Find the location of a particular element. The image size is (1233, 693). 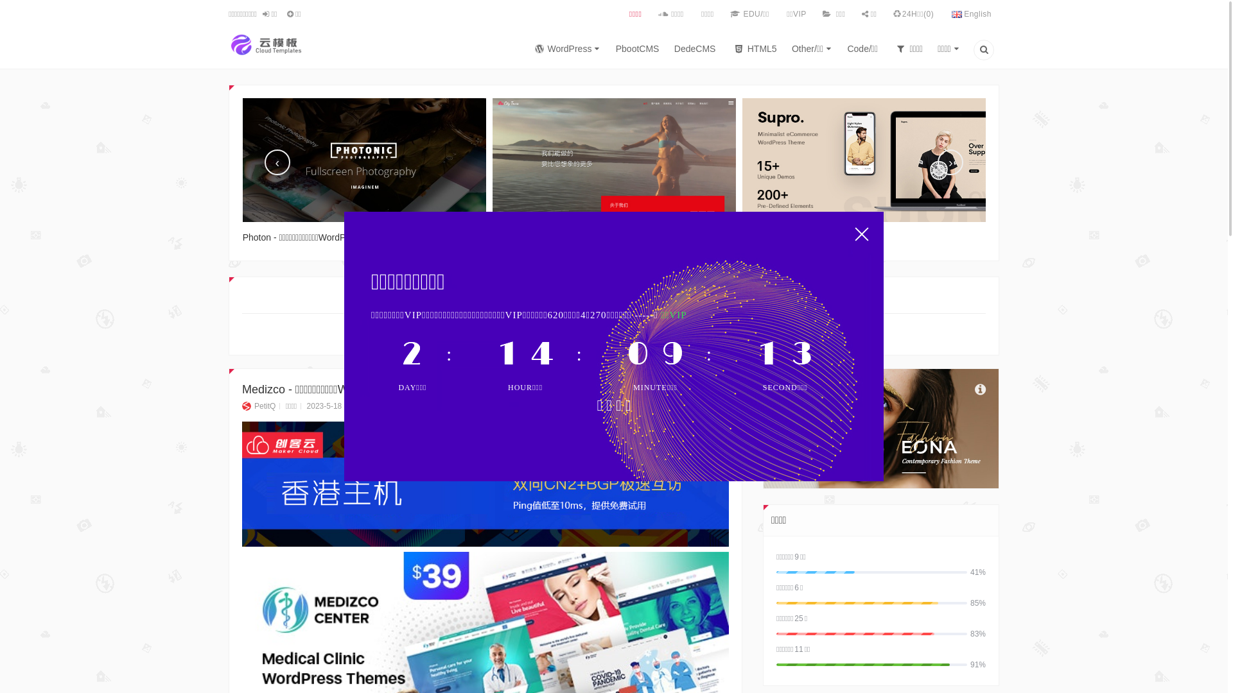

'HTML5' is located at coordinates (754, 51).